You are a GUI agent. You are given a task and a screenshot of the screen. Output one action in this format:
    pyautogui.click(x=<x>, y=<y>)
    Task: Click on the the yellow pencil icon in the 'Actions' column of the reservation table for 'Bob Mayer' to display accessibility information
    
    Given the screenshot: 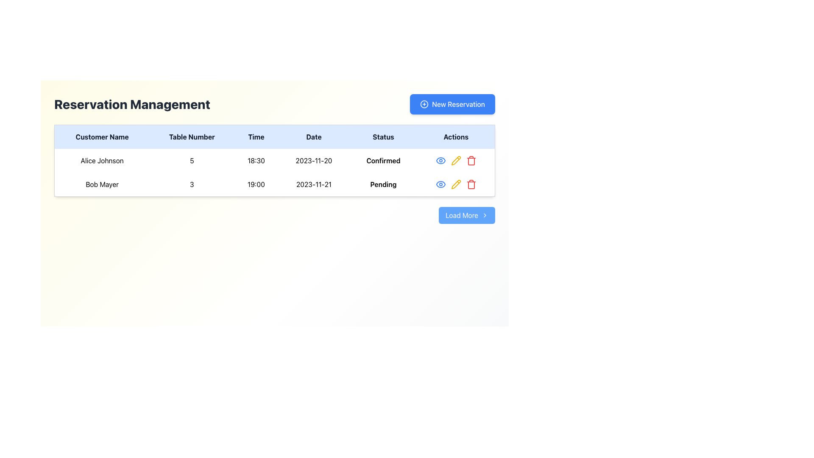 What is the action you would take?
    pyautogui.click(x=455, y=160)
    